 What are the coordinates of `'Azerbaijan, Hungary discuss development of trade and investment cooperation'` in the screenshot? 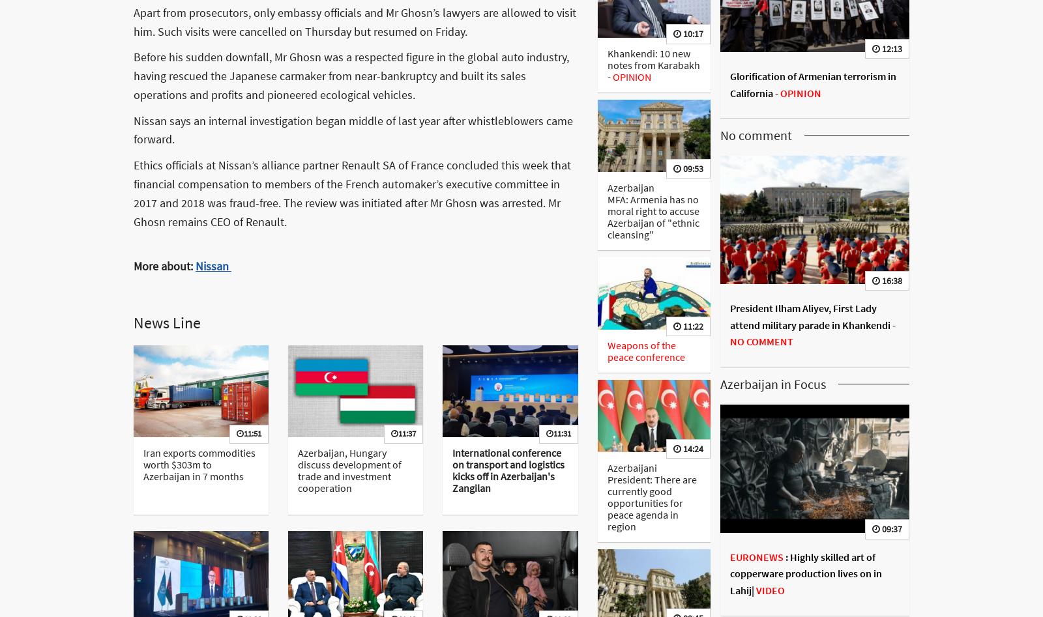 It's located at (349, 469).